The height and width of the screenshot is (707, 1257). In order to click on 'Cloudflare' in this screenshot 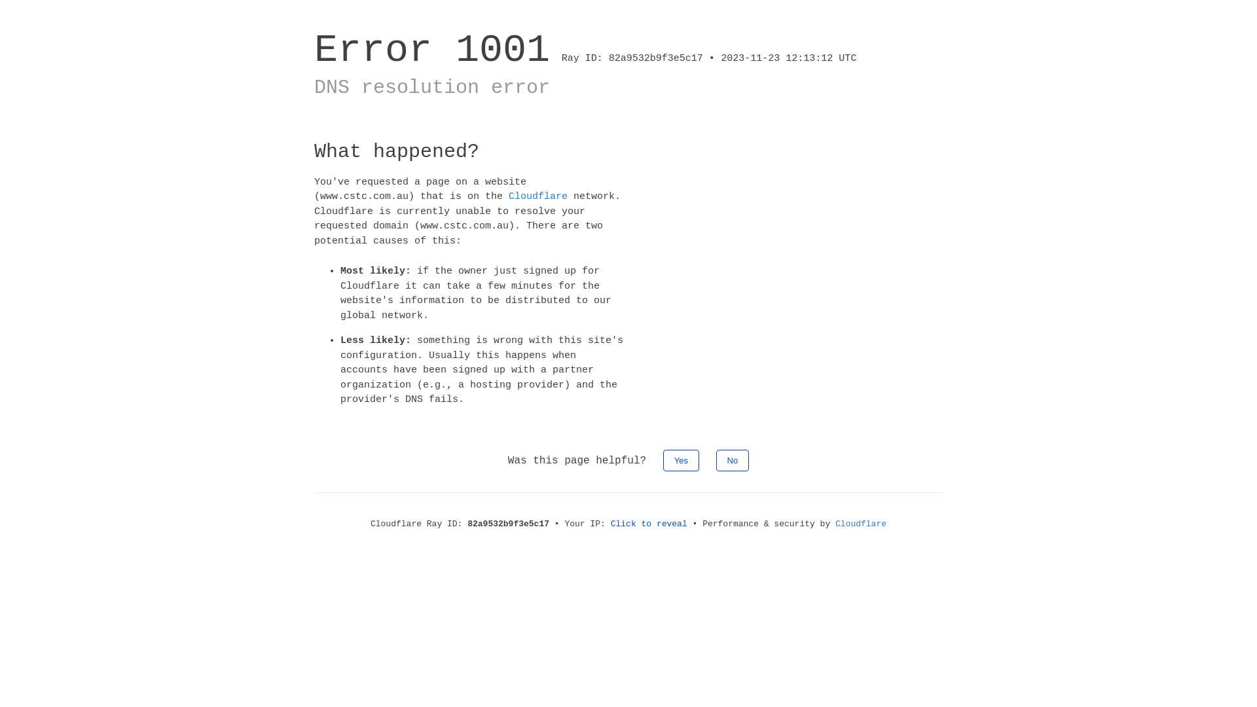, I will do `click(861, 522)`.